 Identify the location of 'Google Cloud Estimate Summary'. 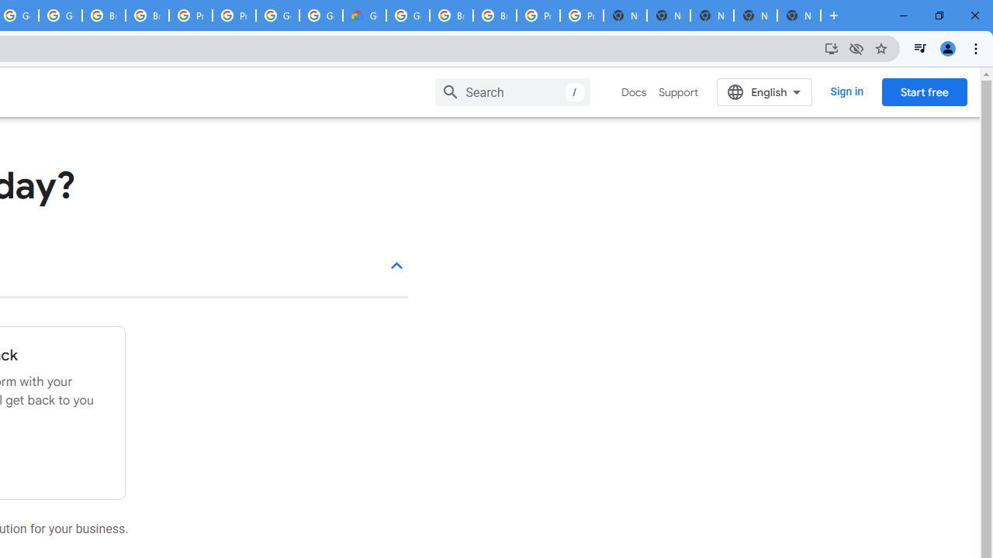
(363, 15).